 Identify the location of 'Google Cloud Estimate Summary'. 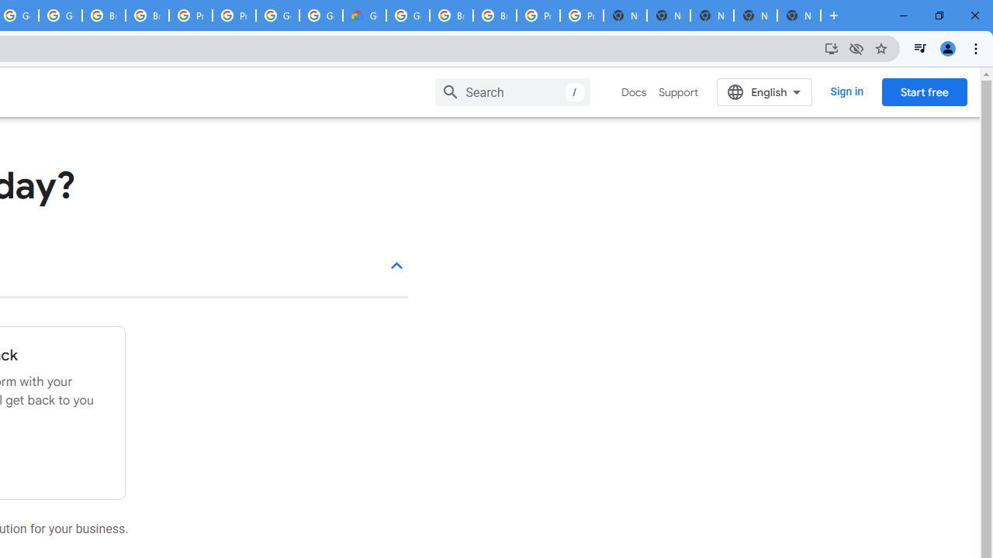
(363, 15).